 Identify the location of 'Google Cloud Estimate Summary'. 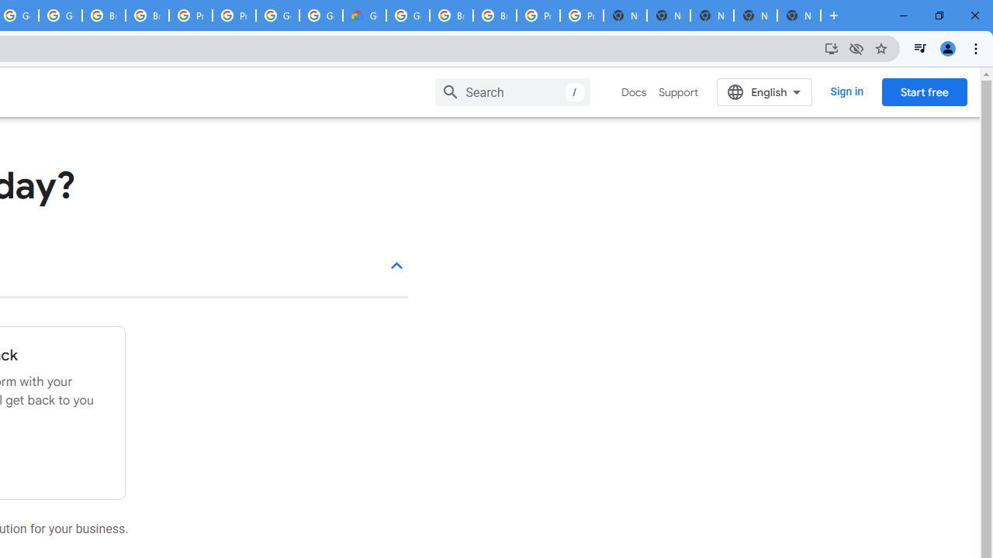
(363, 15).